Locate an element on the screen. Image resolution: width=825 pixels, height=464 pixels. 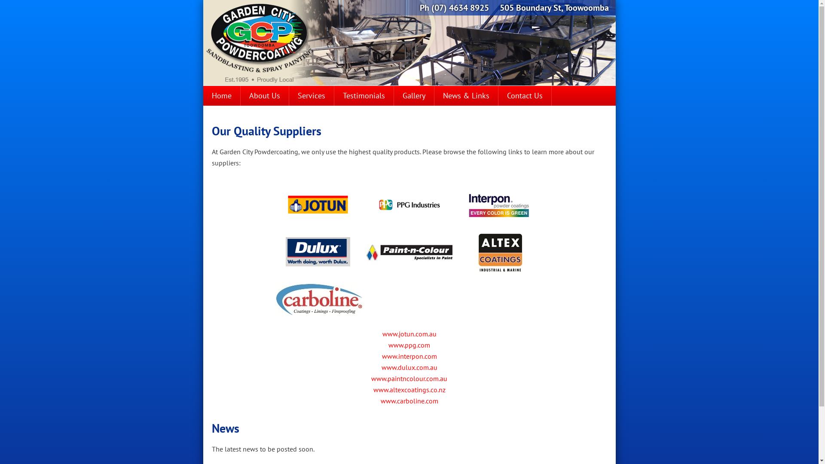
'(07) 4634 8925' is located at coordinates (459, 8).